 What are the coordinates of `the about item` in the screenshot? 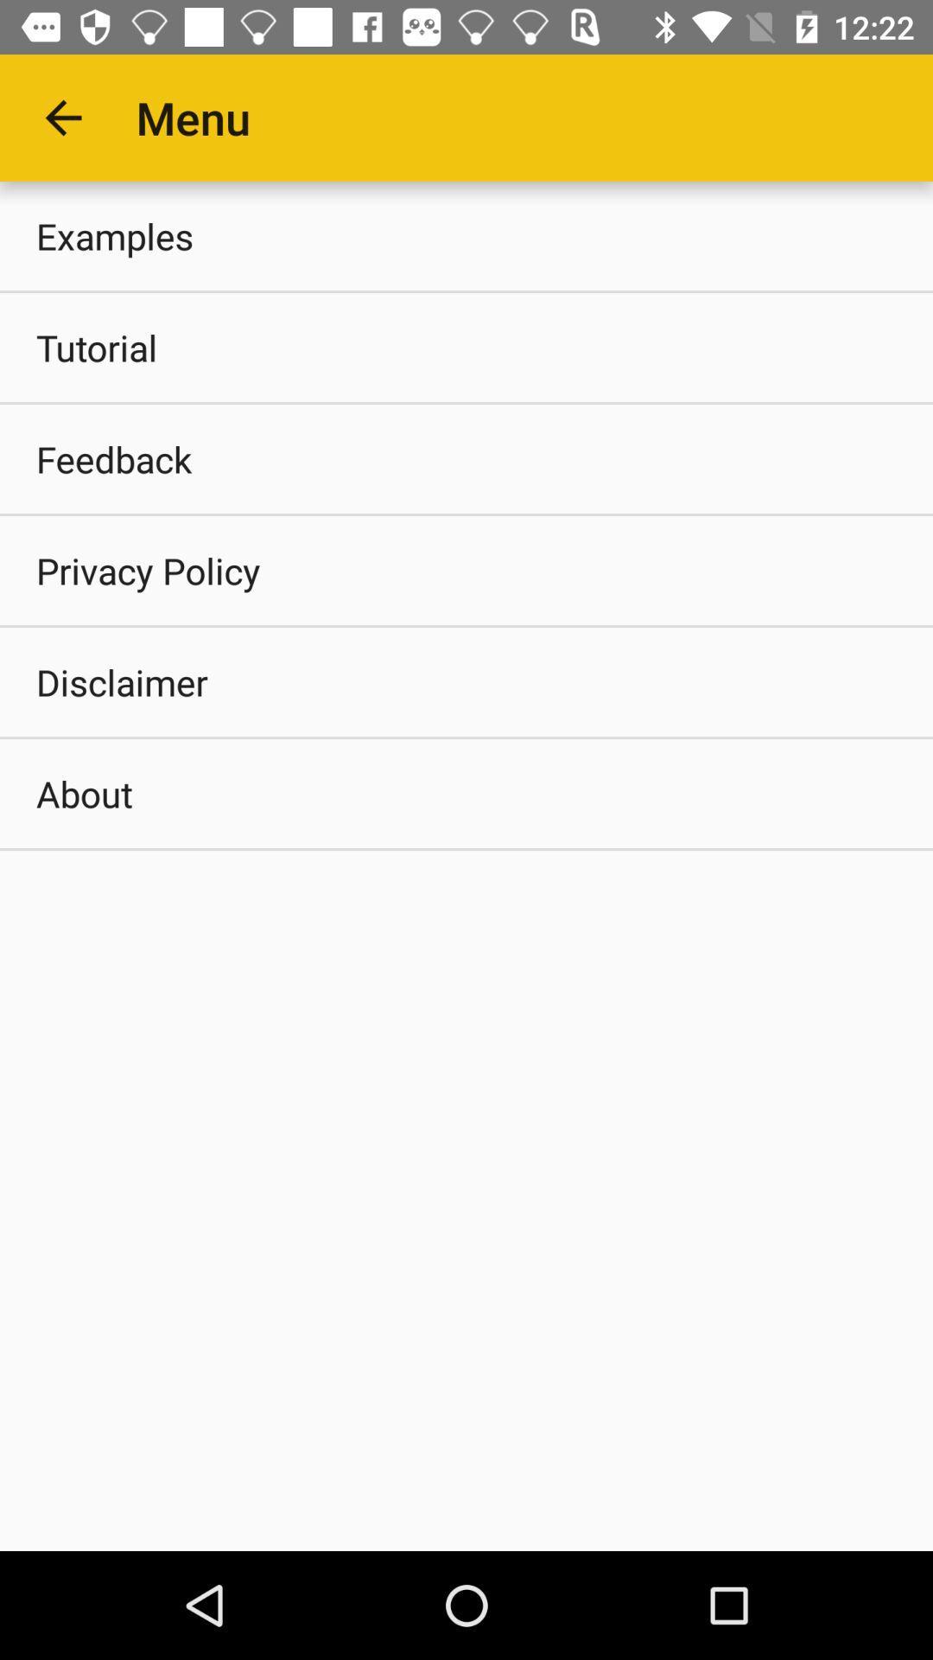 It's located at (466, 792).